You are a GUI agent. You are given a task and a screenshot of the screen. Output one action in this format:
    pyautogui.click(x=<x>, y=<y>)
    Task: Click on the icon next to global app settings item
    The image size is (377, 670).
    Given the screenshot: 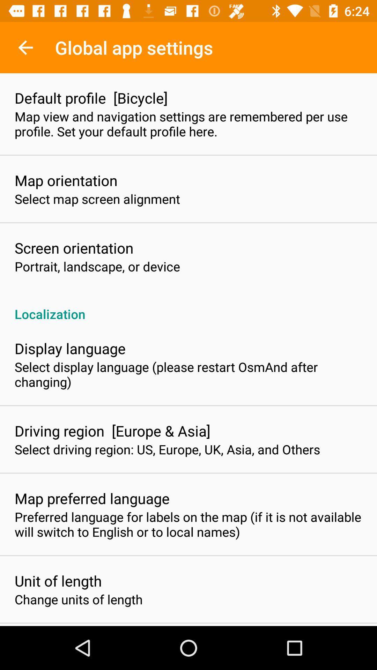 What is the action you would take?
    pyautogui.click(x=25, y=47)
    